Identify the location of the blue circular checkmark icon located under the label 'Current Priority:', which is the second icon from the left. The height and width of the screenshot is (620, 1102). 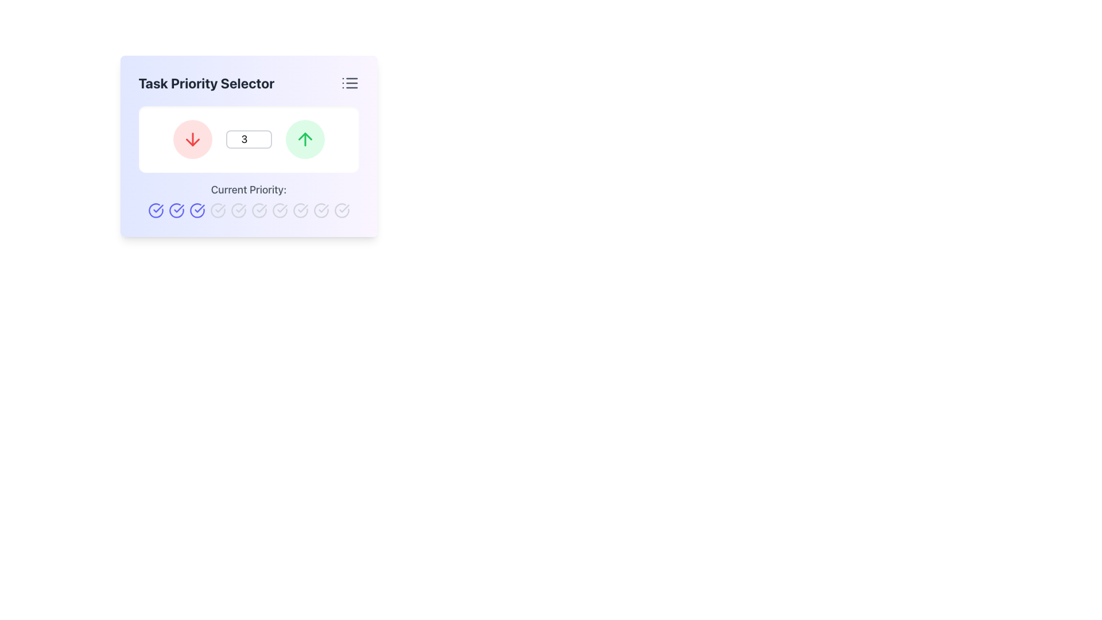
(178, 208).